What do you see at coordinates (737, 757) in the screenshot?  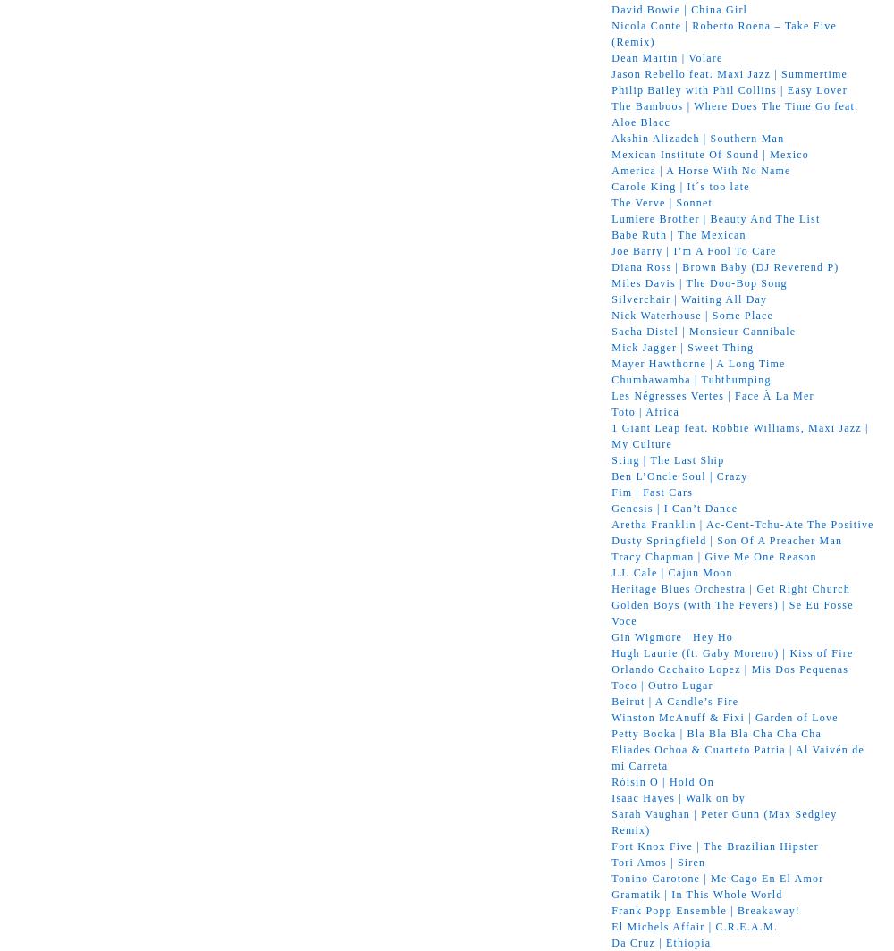 I see `'Eliades Ochoa & Cuarteto Patria | Al Vaivén de mi Carreta'` at bounding box center [737, 757].